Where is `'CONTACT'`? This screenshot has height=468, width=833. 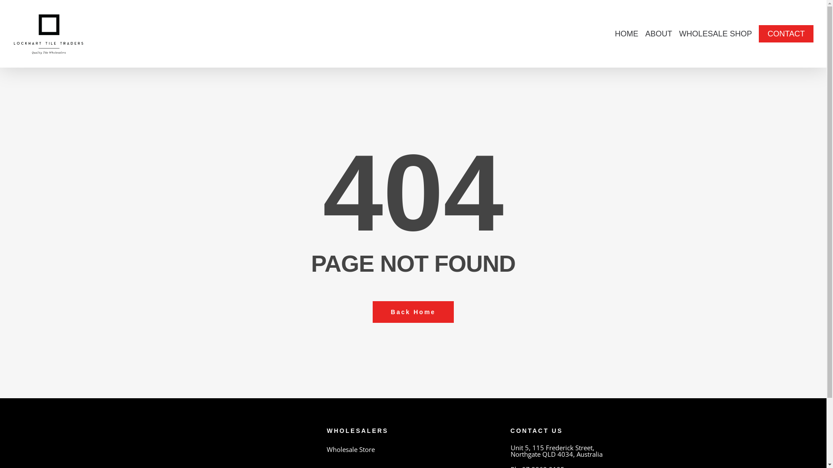 'CONTACT' is located at coordinates (786, 33).